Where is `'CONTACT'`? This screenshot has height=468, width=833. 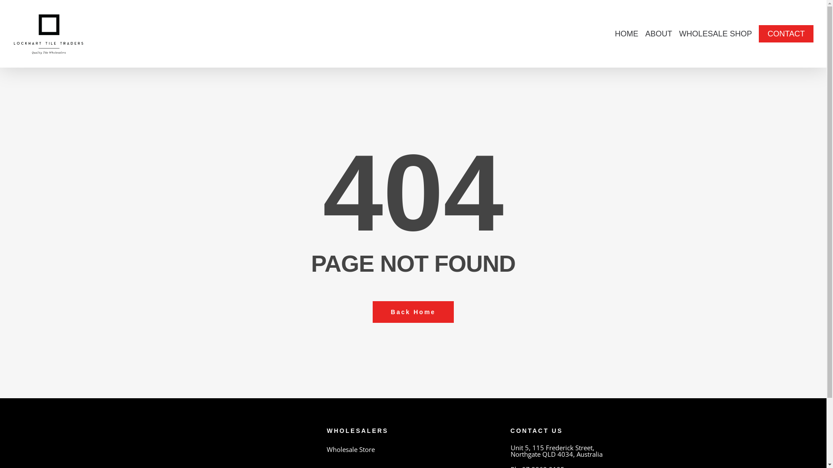 'CONTACT' is located at coordinates (786, 33).